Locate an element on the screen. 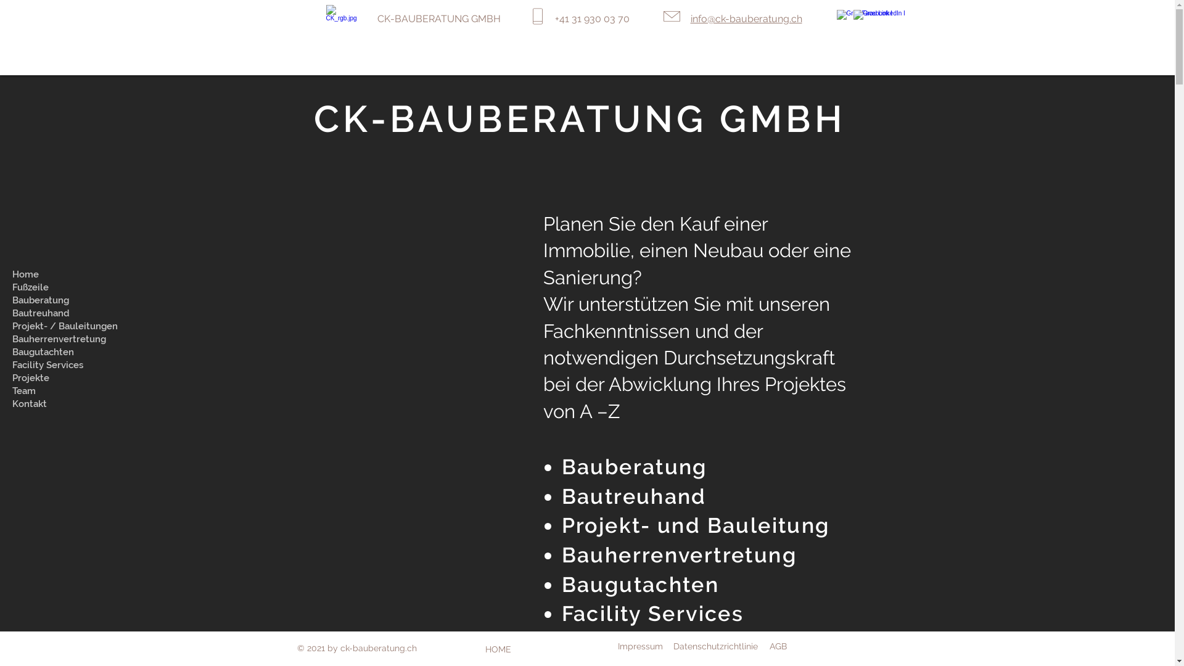 Image resolution: width=1184 pixels, height=666 pixels. 'Team' is located at coordinates (67, 391).